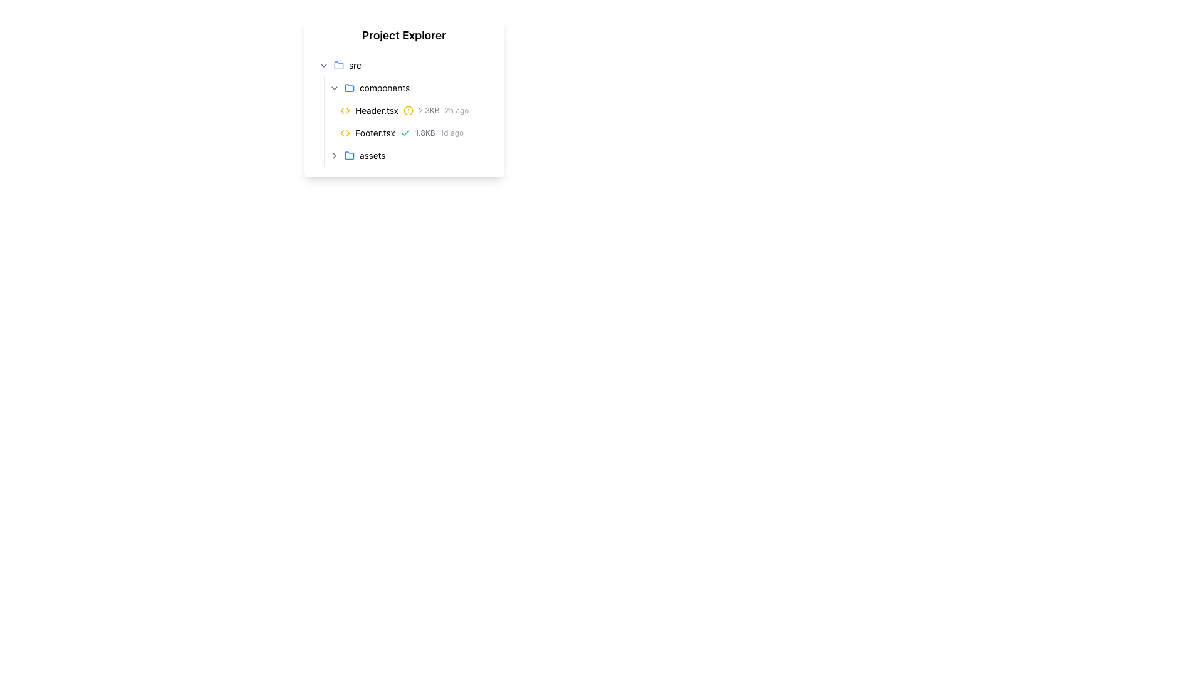 This screenshot has height=676, width=1203. I want to click on the warning icon with a yellow border and exclamation mark located next to 'Header.tsx 2.3KB 2h ago' in the file list interface, so click(409, 110).